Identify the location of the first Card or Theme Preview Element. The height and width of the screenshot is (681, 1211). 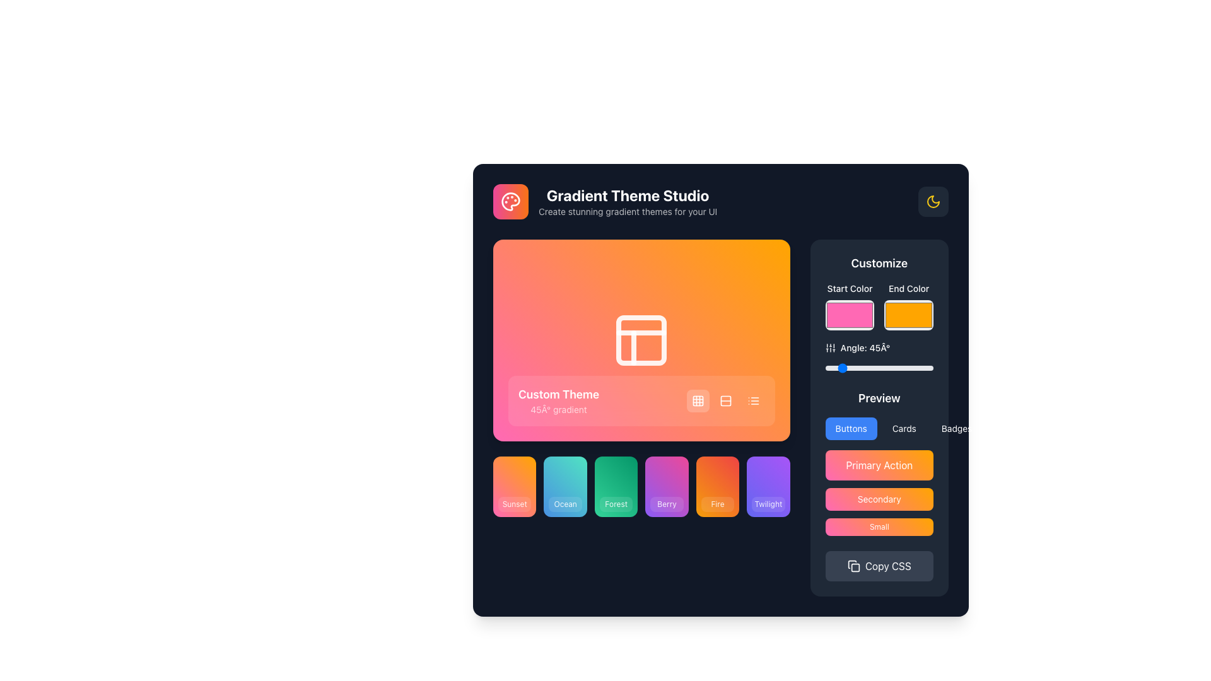
(641, 340).